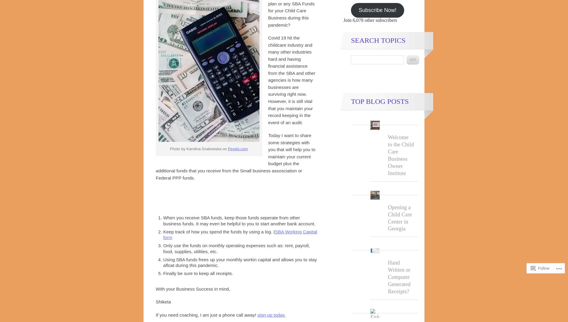 The width and height of the screenshot is (568, 322). I want to click on 'Photo by Karolina Grabowska on', so click(199, 148).